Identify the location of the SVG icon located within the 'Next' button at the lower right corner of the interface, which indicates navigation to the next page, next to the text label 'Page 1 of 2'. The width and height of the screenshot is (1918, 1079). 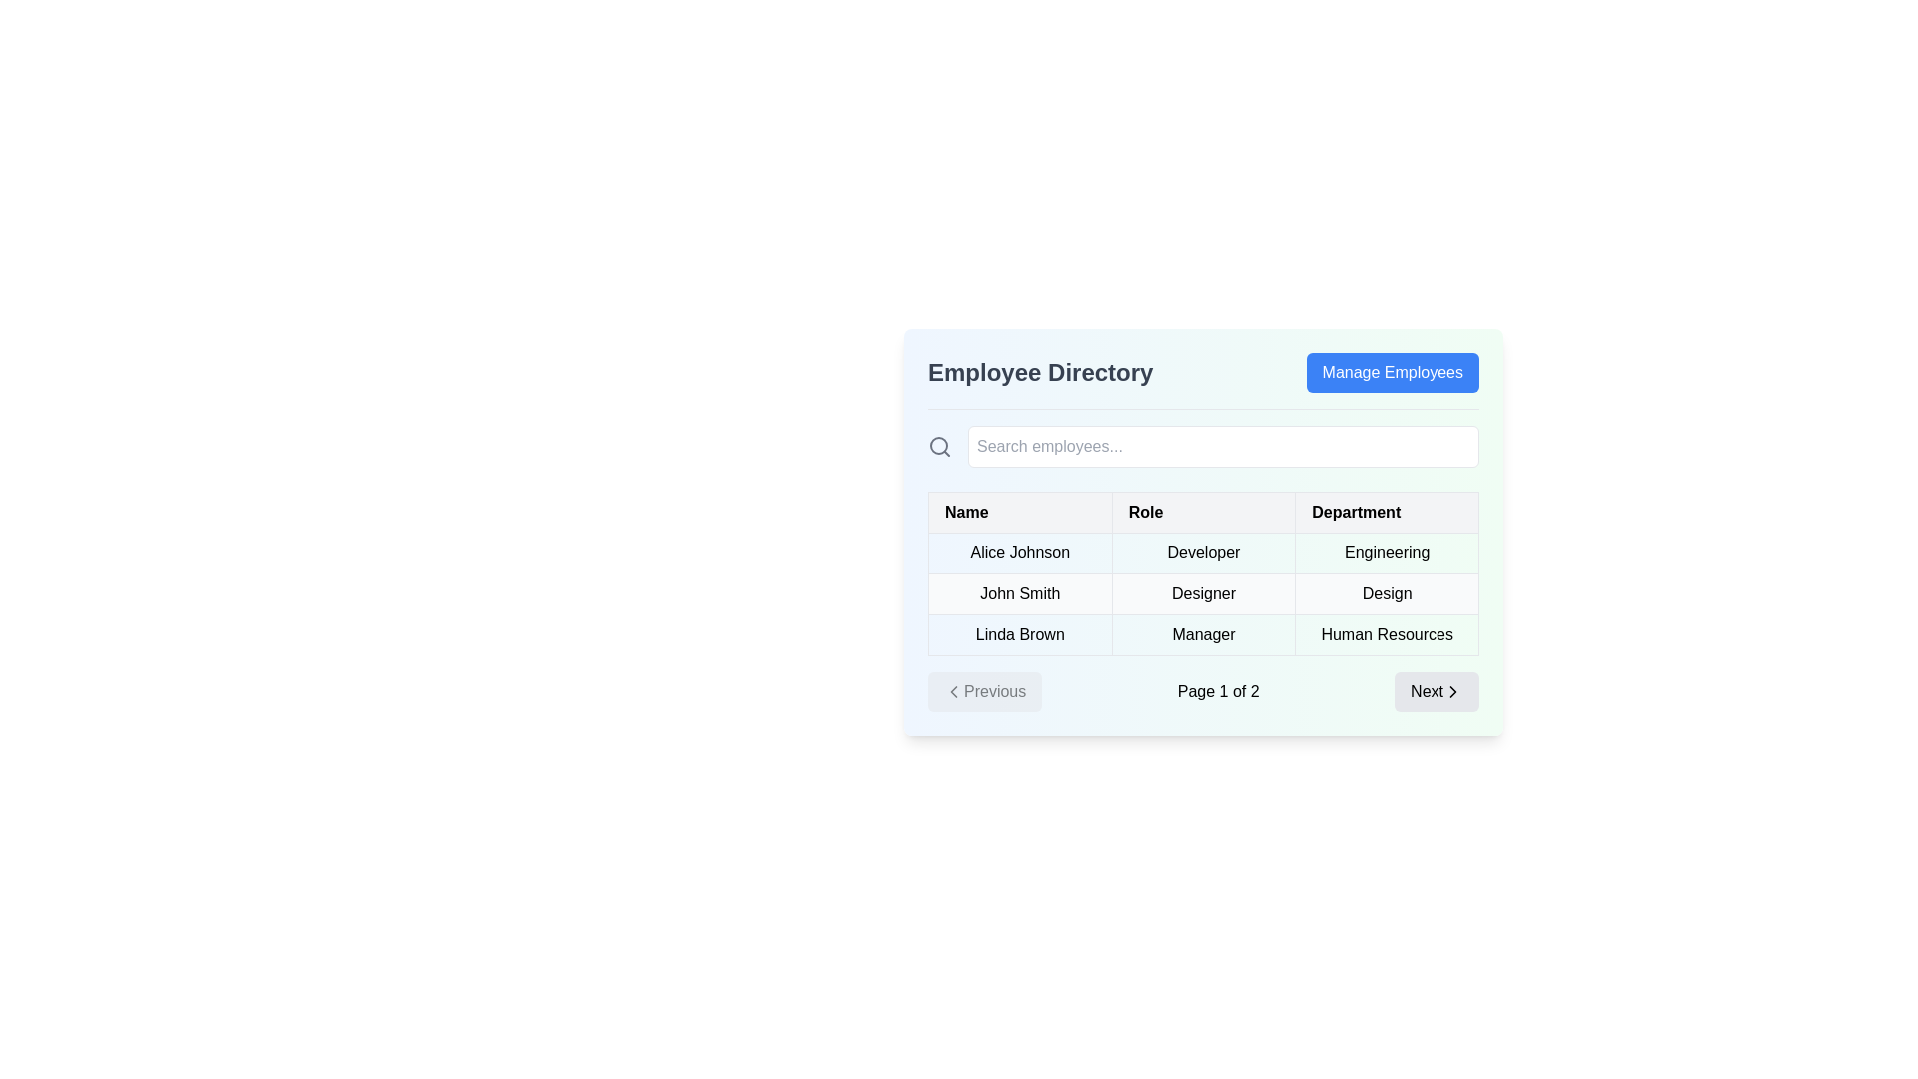
(1452, 691).